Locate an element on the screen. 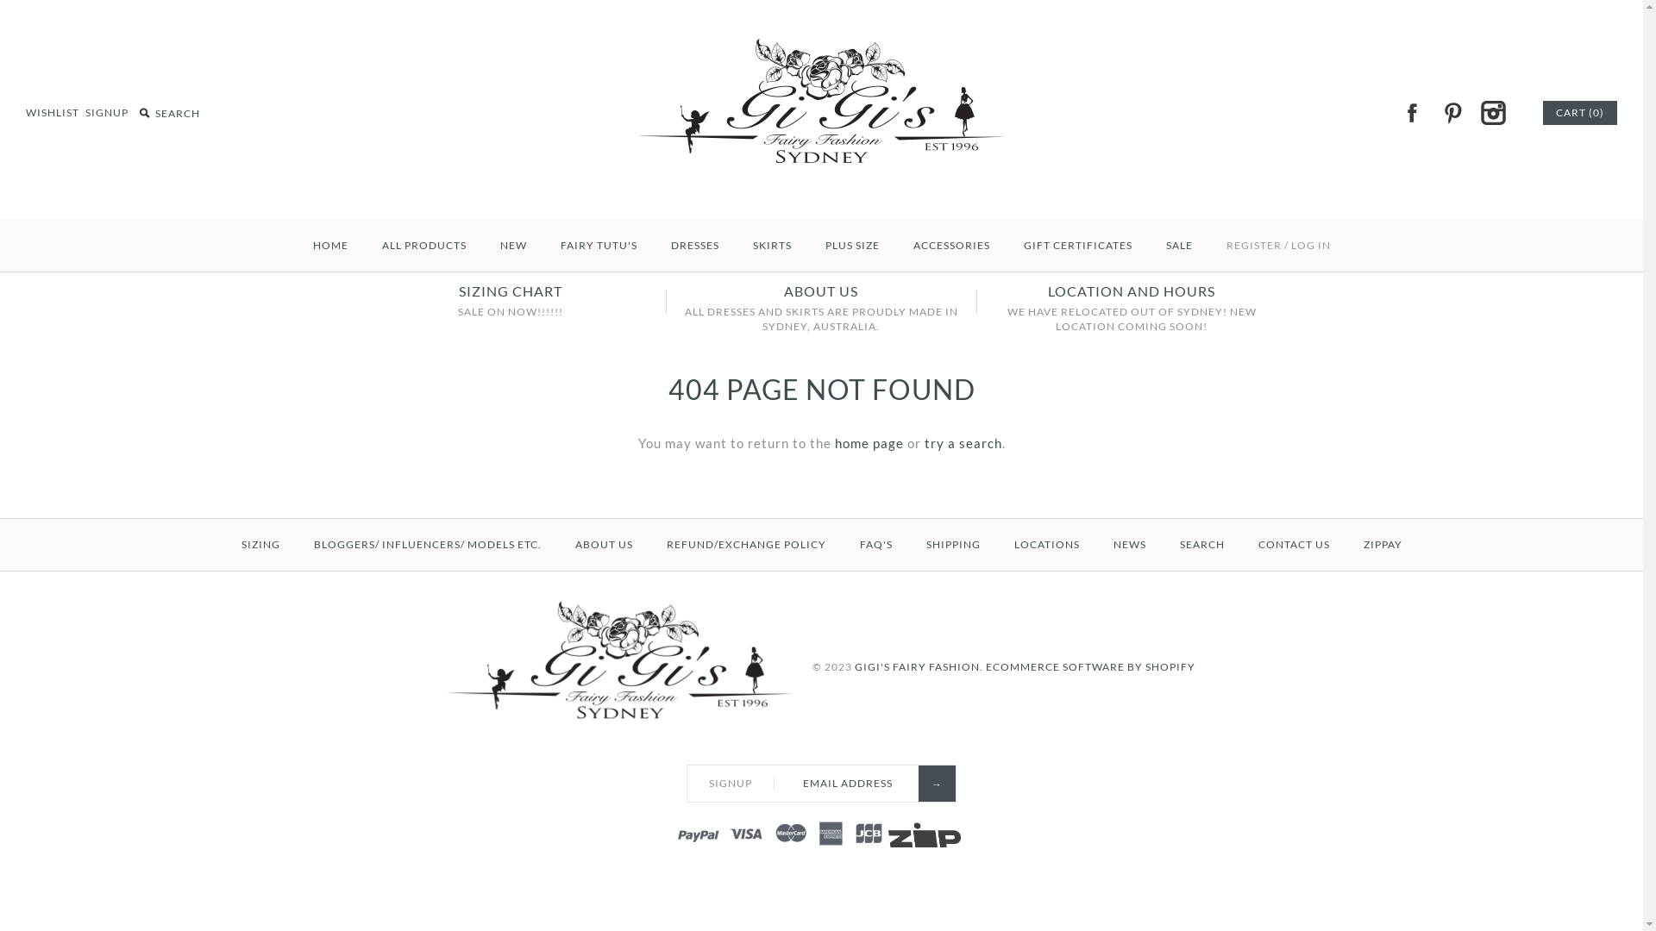  'PLUS SIZE' is located at coordinates (851, 246).